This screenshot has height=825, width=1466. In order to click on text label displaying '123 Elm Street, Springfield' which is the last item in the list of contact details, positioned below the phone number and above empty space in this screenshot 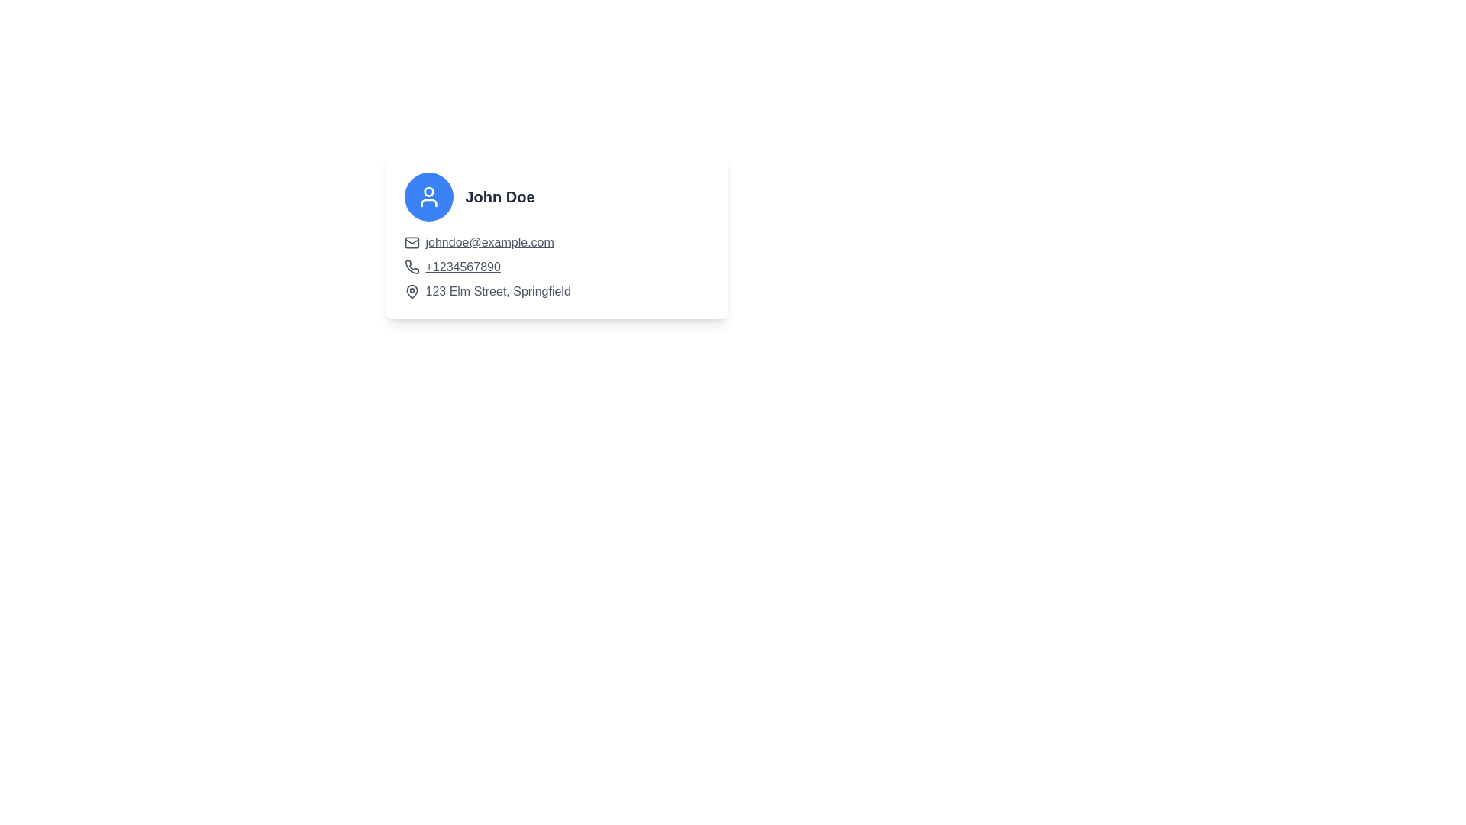, I will do `click(498, 291)`.